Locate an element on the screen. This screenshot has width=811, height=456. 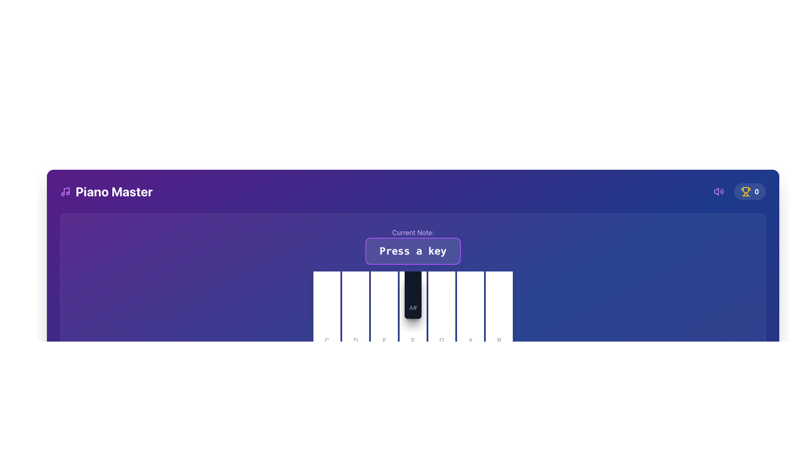
the second white piano key from the left, which is styled to resemble a piano key and has the letter 'D' at its bottom, to play the note is located at coordinates (355, 312).